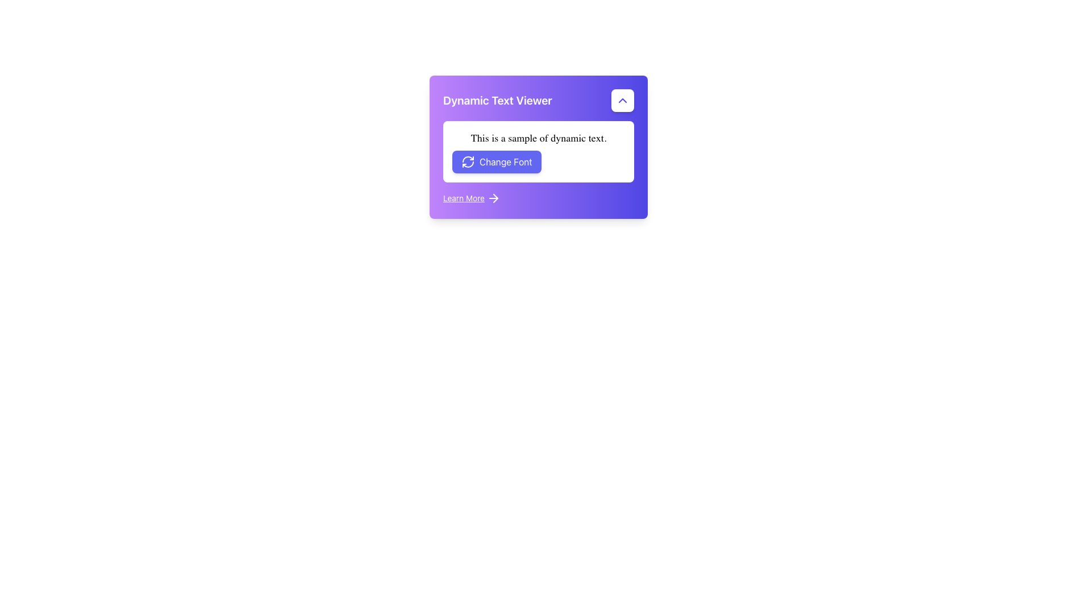 The width and height of the screenshot is (1091, 614). What do you see at coordinates (493, 197) in the screenshot?
I see `the right-pointing arrow icon located next to the 'Learn More' text to trigger a tooltip` at bounding box center [493, 197].